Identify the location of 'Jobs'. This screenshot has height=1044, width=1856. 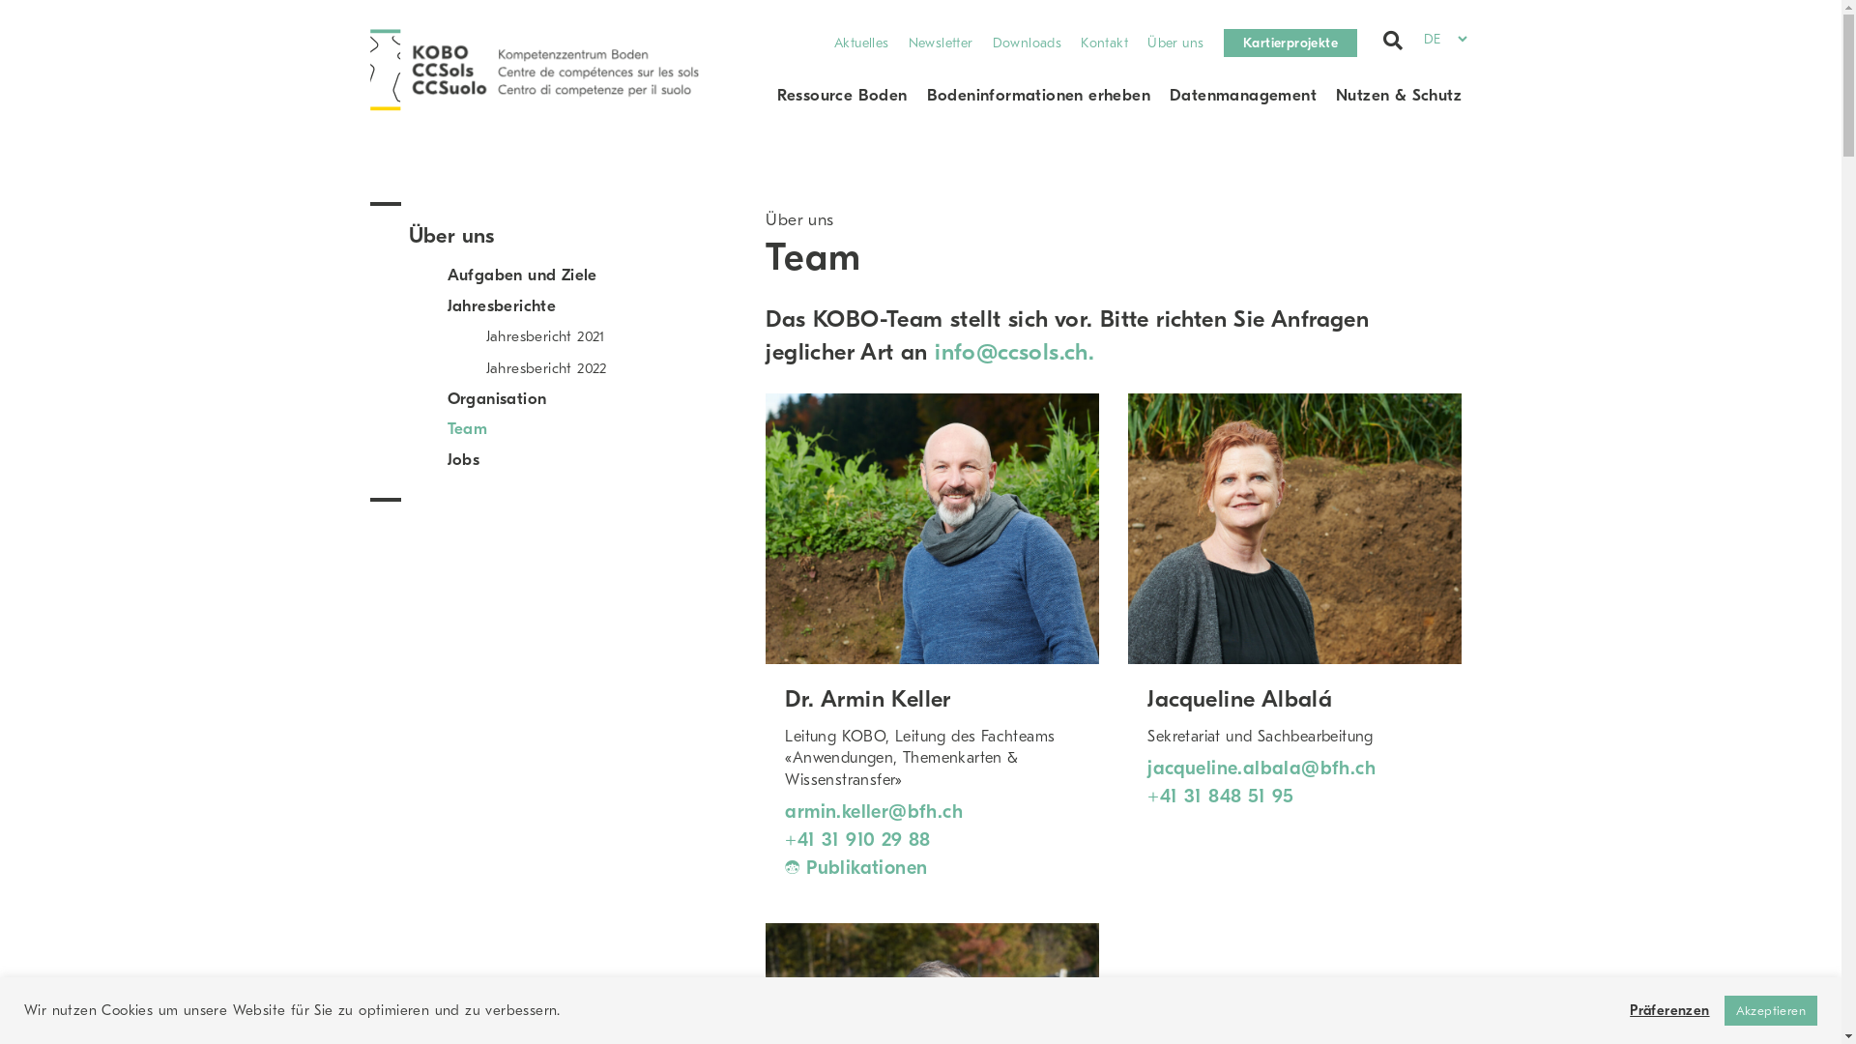
(462, 459).